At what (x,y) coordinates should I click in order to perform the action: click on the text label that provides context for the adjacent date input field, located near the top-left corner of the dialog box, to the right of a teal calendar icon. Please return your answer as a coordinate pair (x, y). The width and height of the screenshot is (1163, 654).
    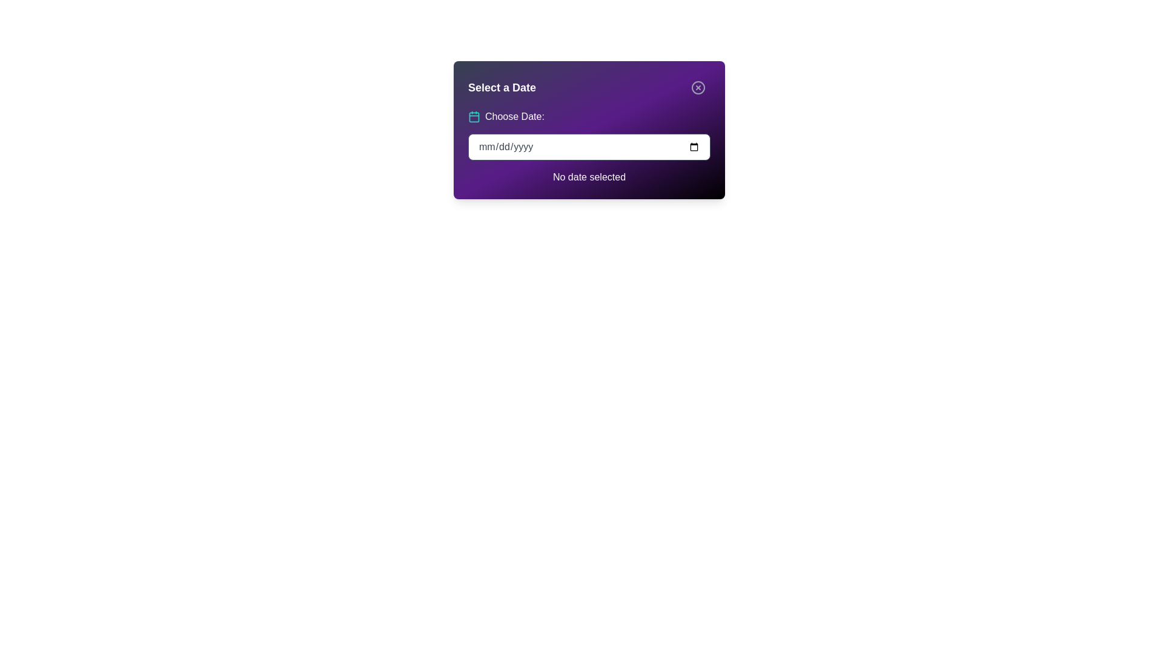
    Looking at the image, I should click on (514, 116).